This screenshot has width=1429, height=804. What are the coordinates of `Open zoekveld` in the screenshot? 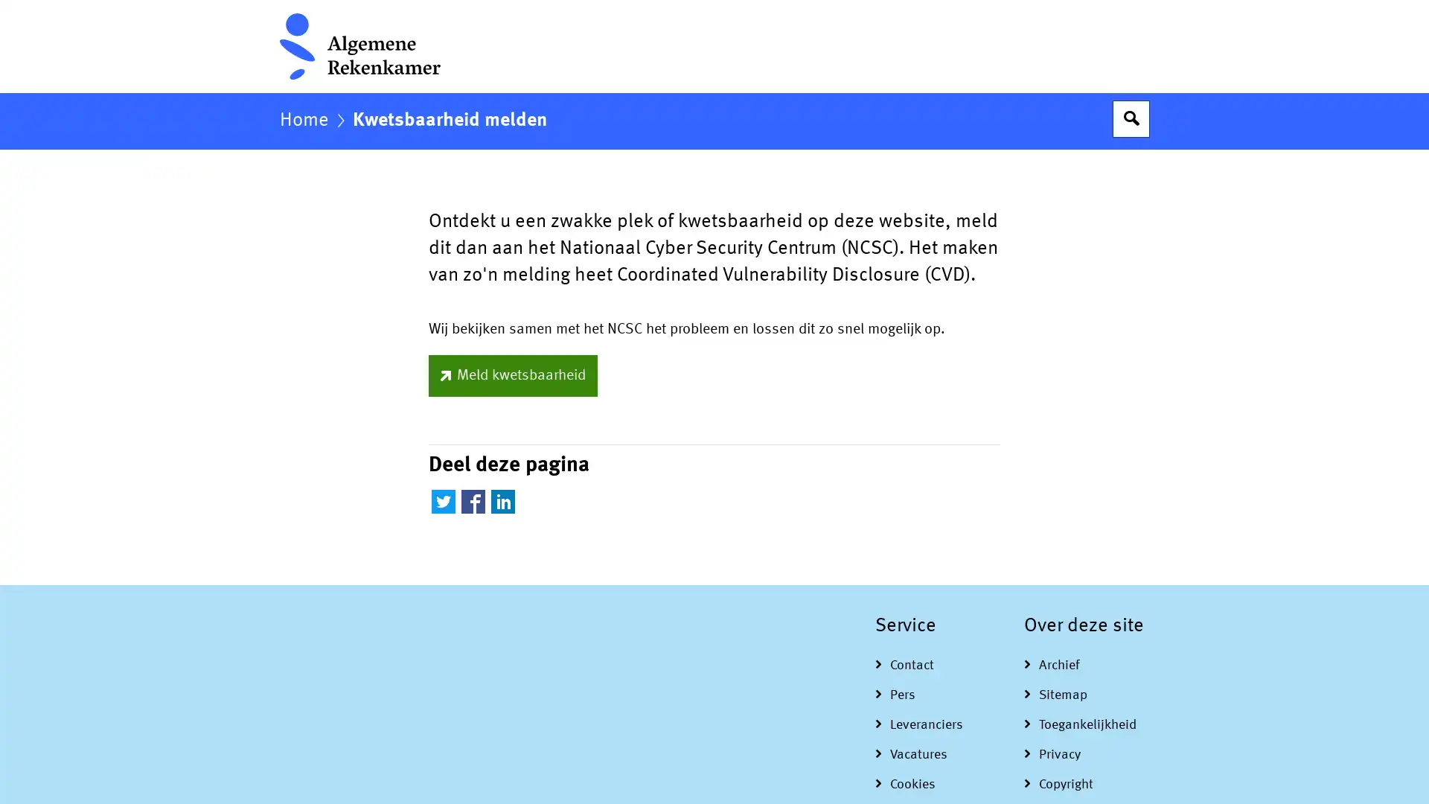 It's located at (1131, 118).